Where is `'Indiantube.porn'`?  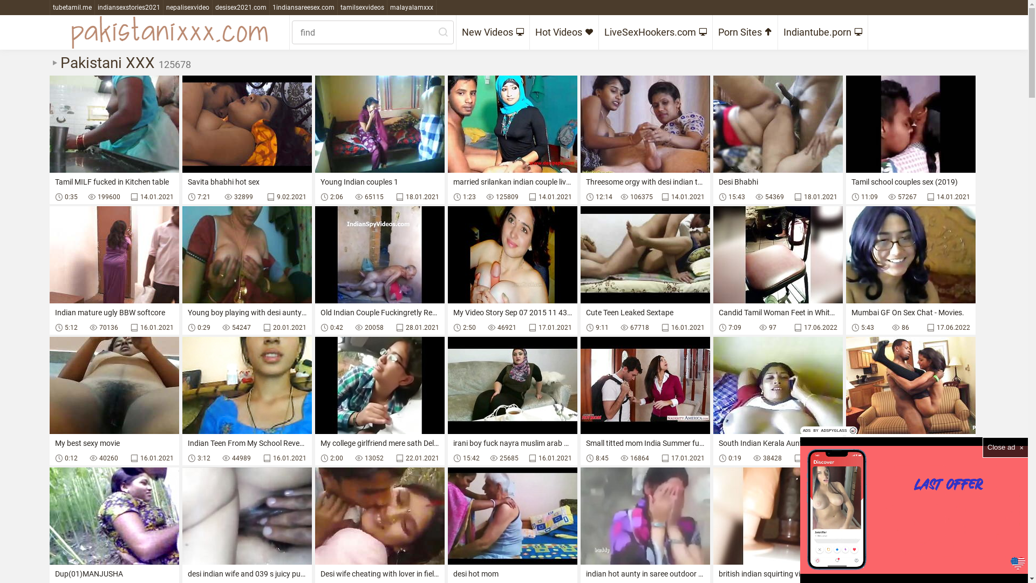
'Indiantube.porn' is located at coordinates (822, 32).